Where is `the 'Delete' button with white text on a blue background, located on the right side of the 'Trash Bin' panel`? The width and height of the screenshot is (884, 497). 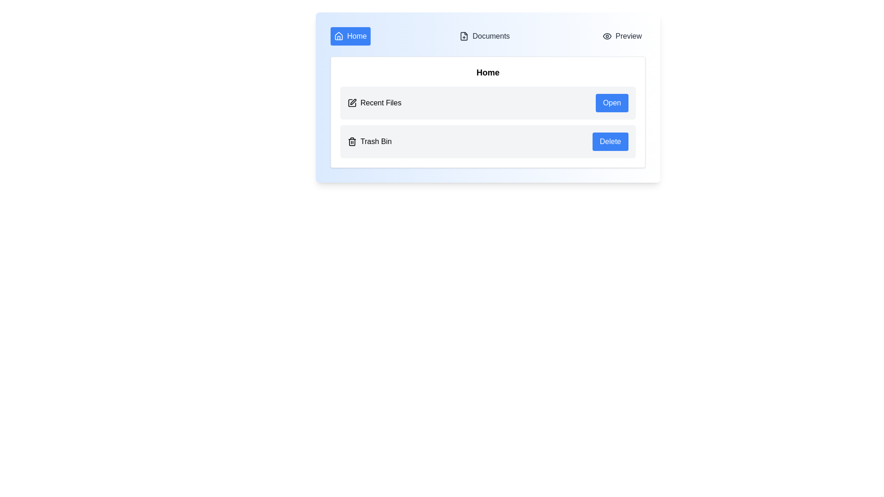
the 'Delete' button with white text on a blue background, located on the right side of the 'Trash Bin' panel is located at coordinates (610, 142).